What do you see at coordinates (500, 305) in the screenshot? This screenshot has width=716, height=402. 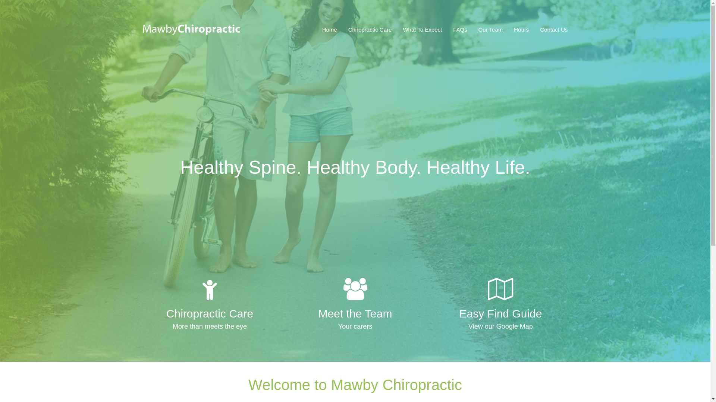 I see `'Easy Find Guide` at bounding box center [500, 305].